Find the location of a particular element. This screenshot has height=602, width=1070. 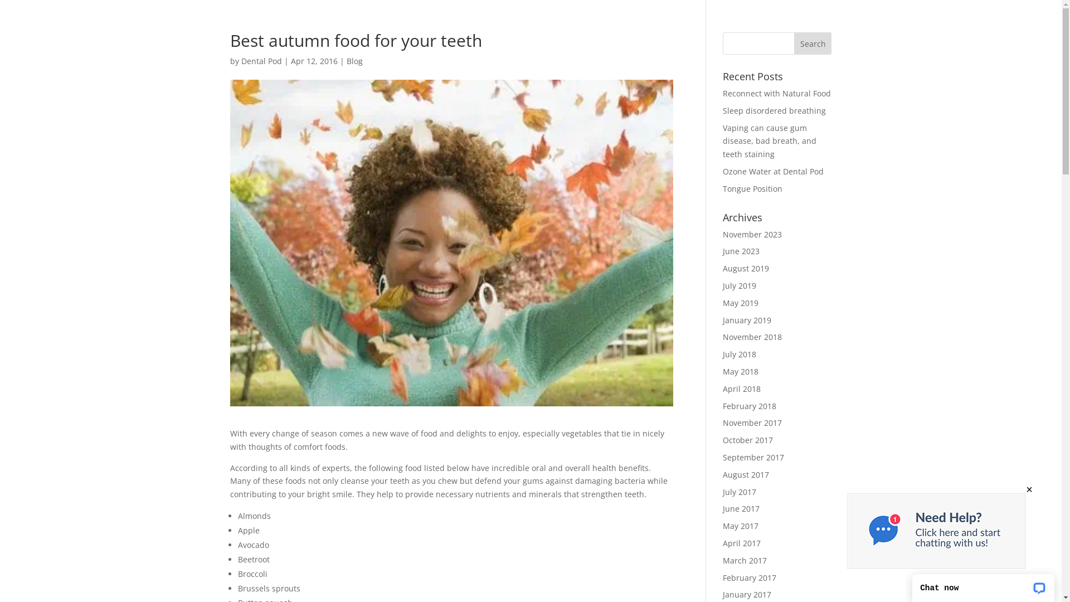

'Ozone Water at Dental Pod' is located at coordinates (772, 171).